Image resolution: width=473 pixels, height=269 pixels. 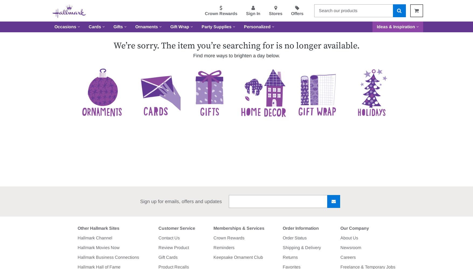 What do you see at coordinates (376, 26) in the screenshot?
I see `'Ideas & Inspiration'` at bounding box center [376, 26].